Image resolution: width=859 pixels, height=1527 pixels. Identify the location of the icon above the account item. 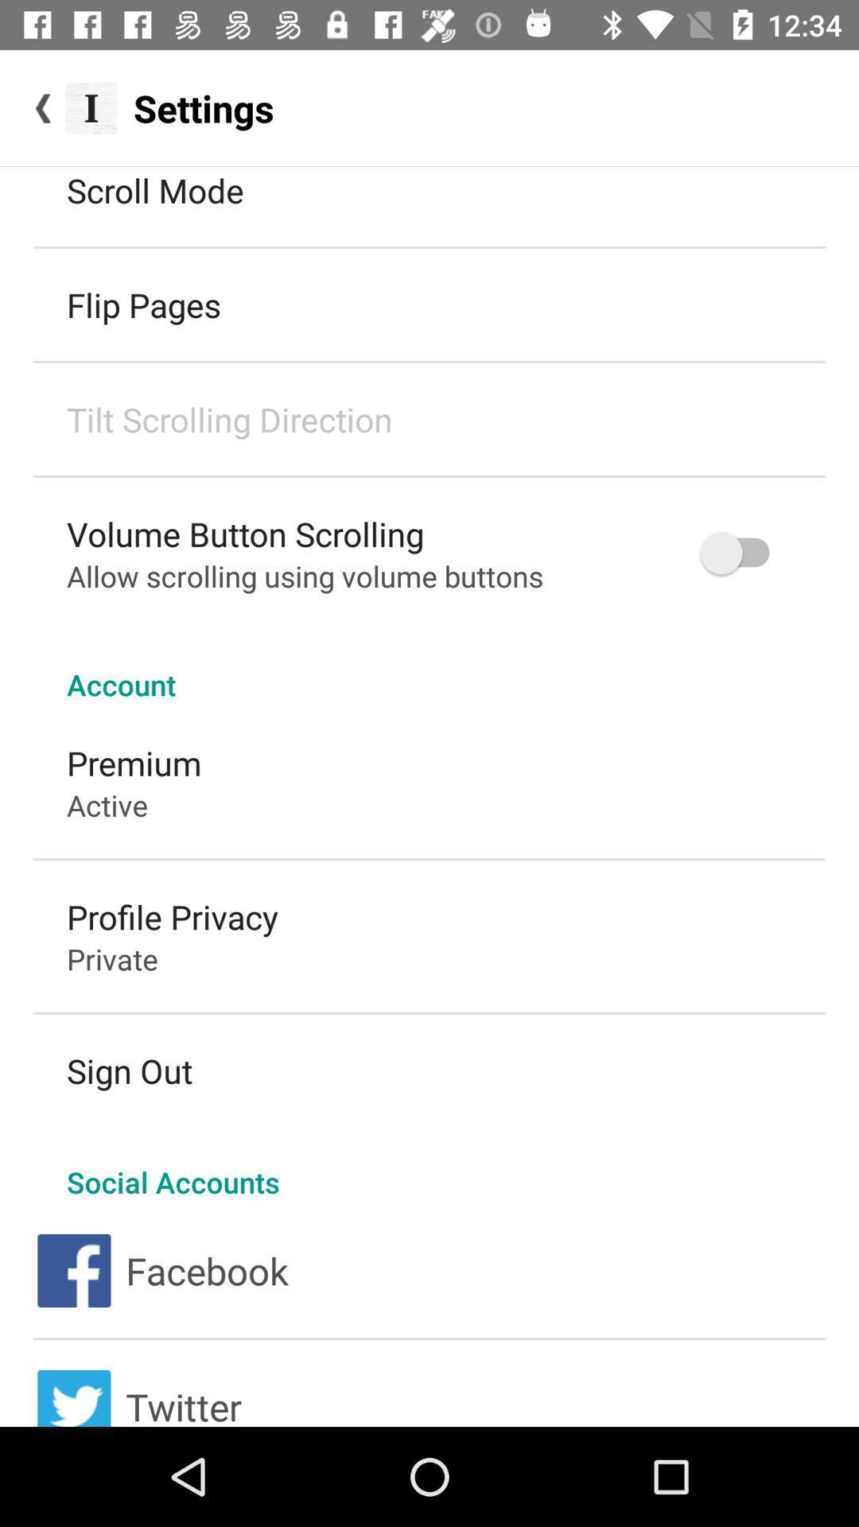
(742, 553).